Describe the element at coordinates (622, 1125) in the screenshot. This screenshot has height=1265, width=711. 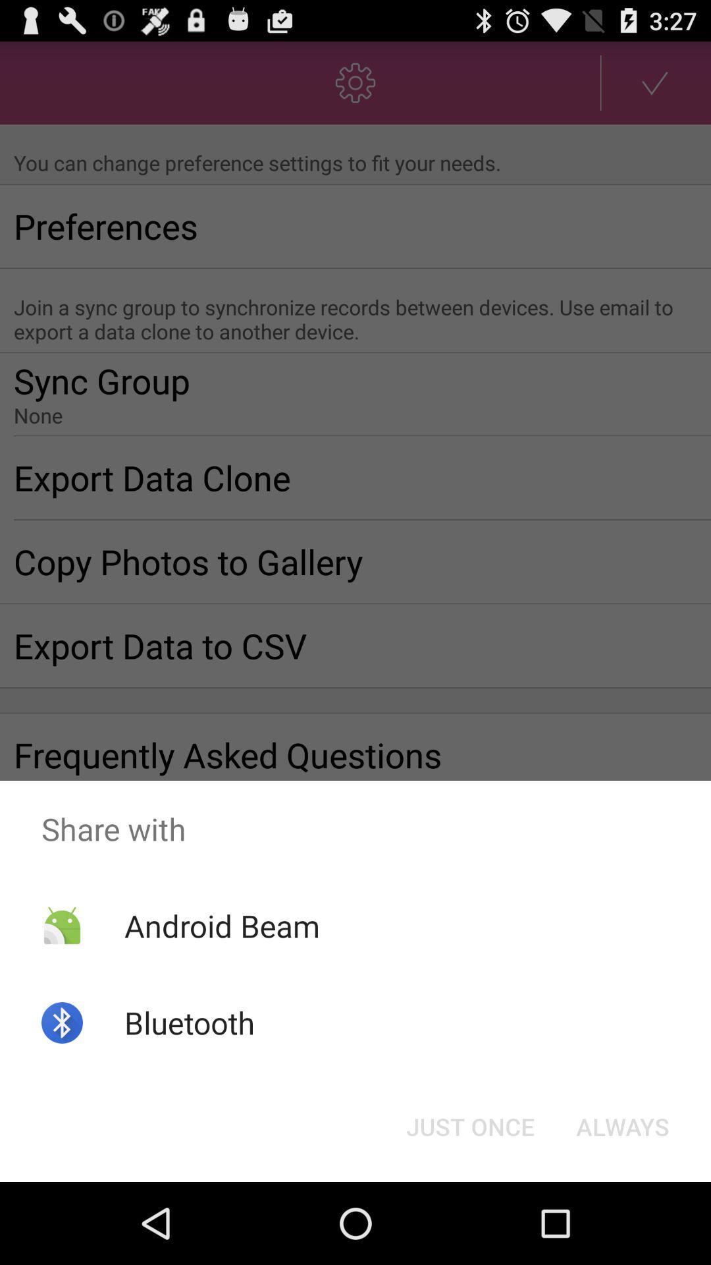
I see `item below share with item` at that location.